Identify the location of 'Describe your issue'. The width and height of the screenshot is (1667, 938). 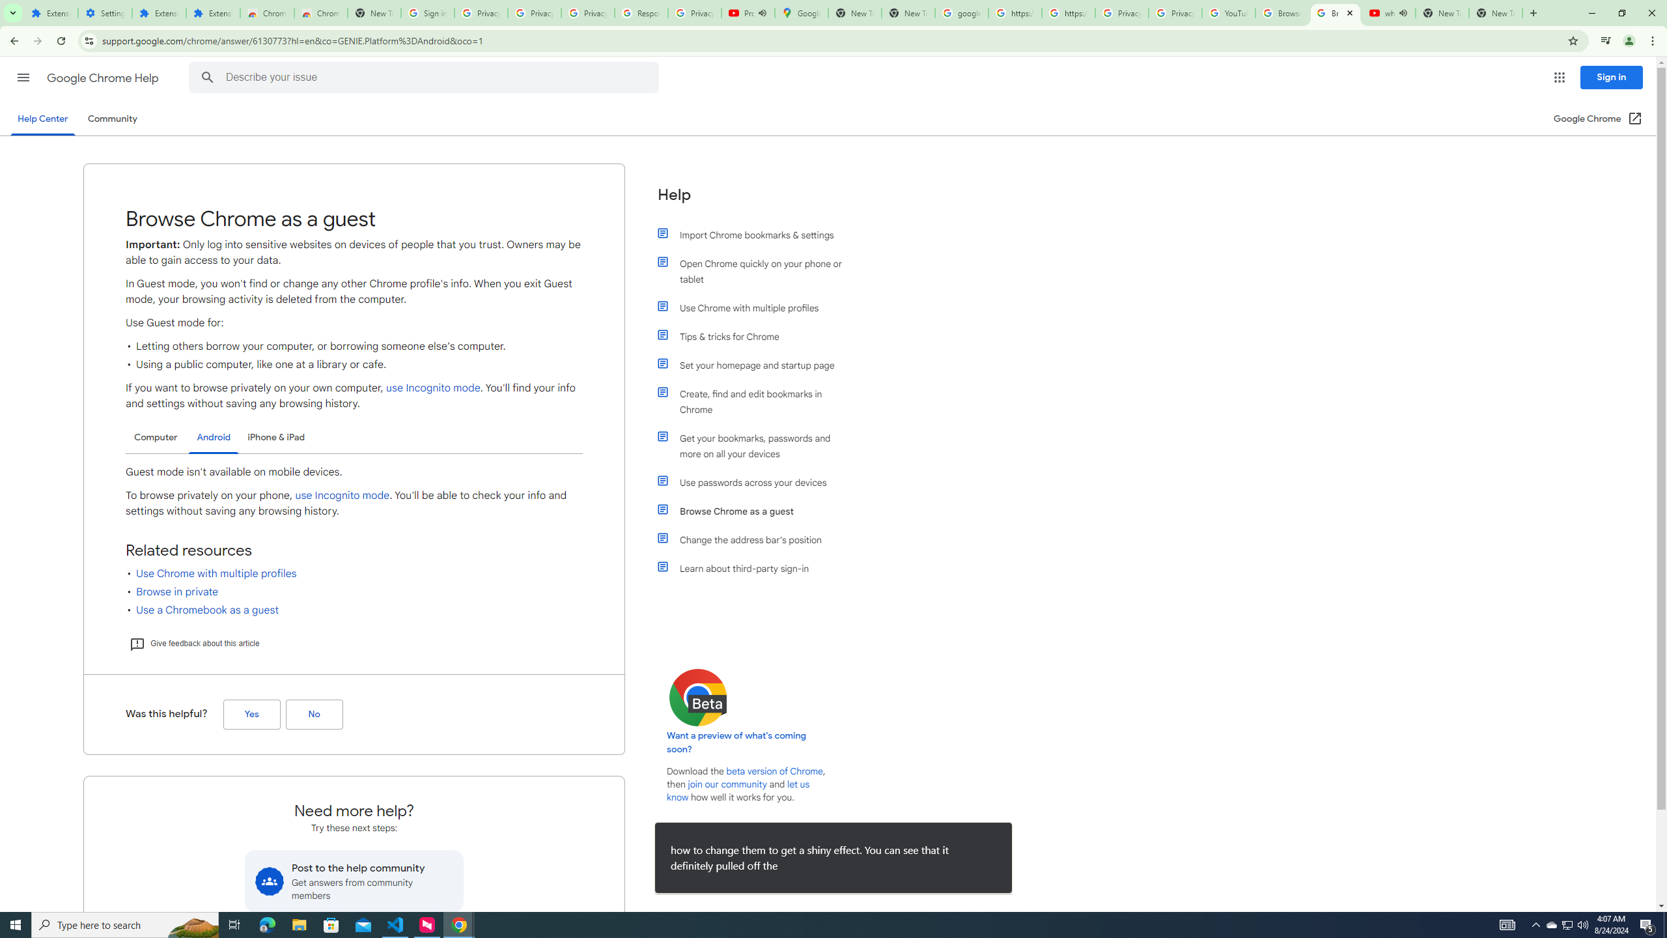
(425, 77).